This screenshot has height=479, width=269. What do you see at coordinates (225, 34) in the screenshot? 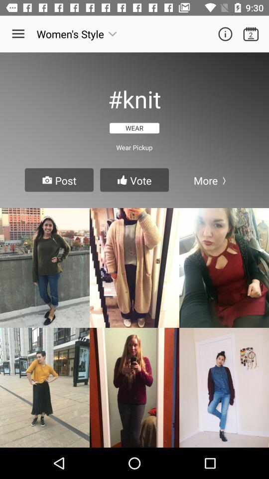
I see `details` at bounding box center [225, 34].